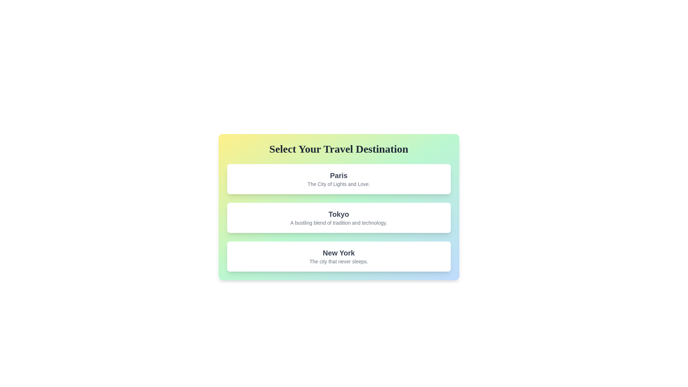 The height and width of the screenshot is (387, 688). What do you see at coordinates (338, 222) in the screenshot?
I see `the static text element that contains the phrase 'A bustling blend of tradition and technology.' positioned below the title 'Tokyo' in the card layout` at bounding box center [338, 222].